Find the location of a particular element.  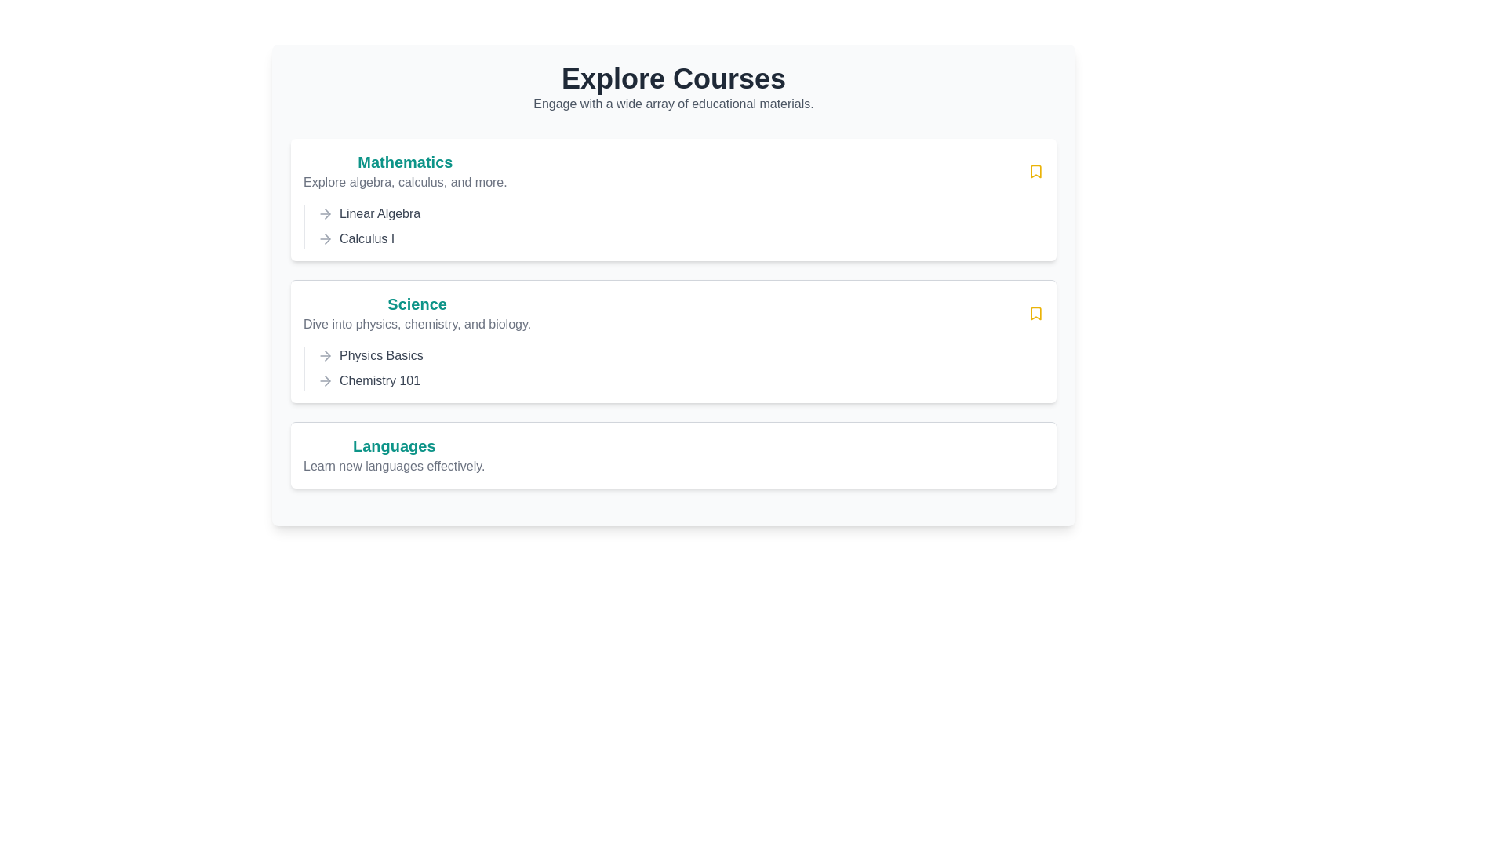

the arrowhead icon located to the right of the 'Physics Basics' text in the Science section is located at coordinates (326, 356).